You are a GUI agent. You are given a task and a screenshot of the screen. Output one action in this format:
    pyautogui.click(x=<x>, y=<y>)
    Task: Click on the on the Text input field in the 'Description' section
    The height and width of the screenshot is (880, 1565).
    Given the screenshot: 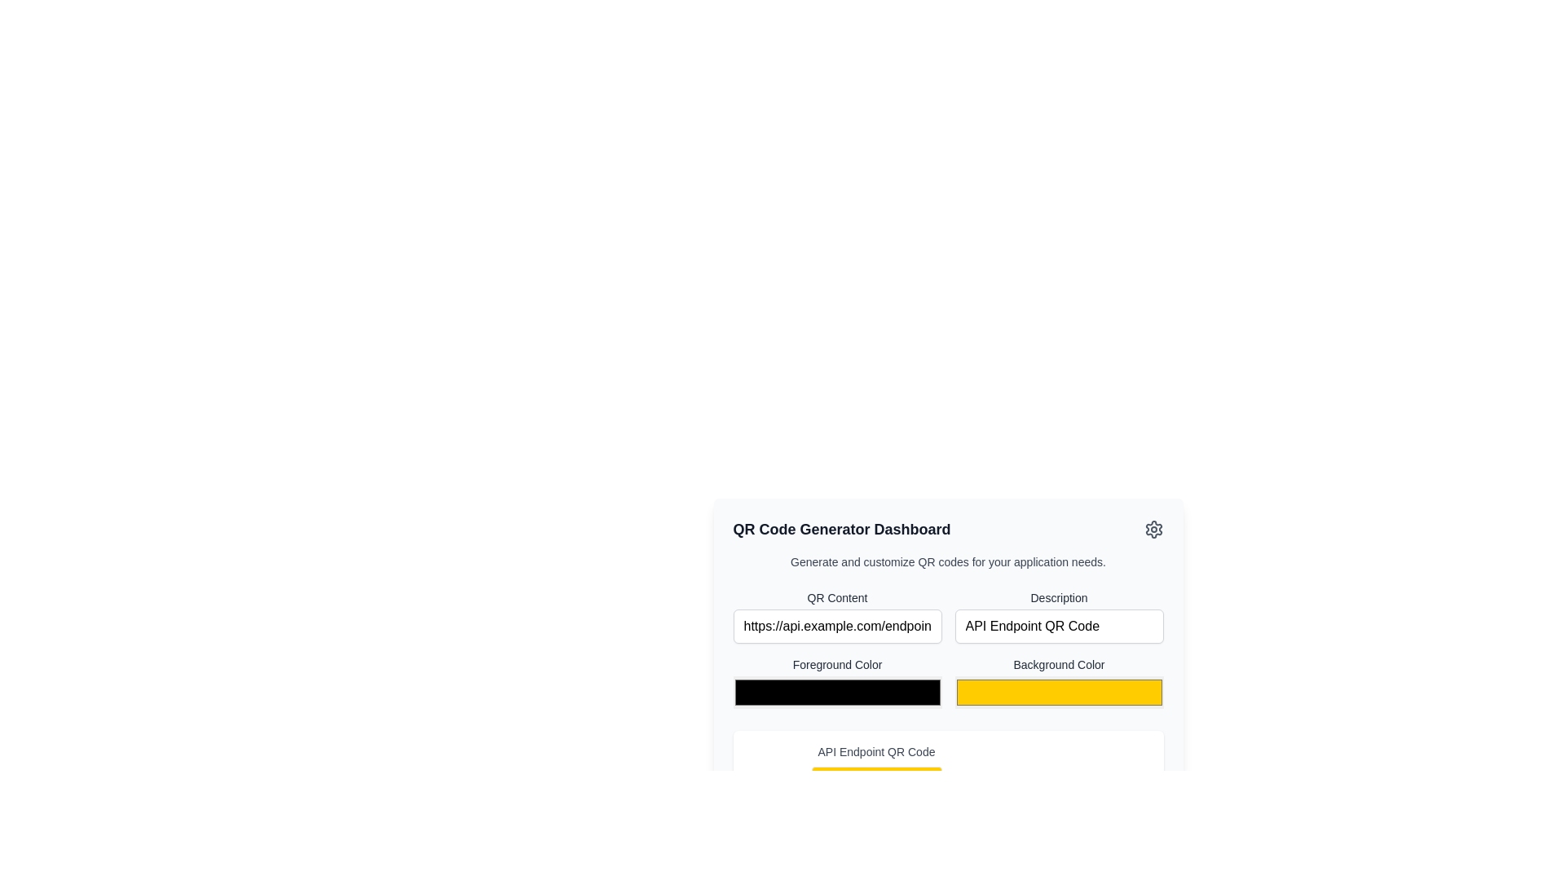 What is the action you would take?
    pyautogui.click(x=1059, y=625)
    